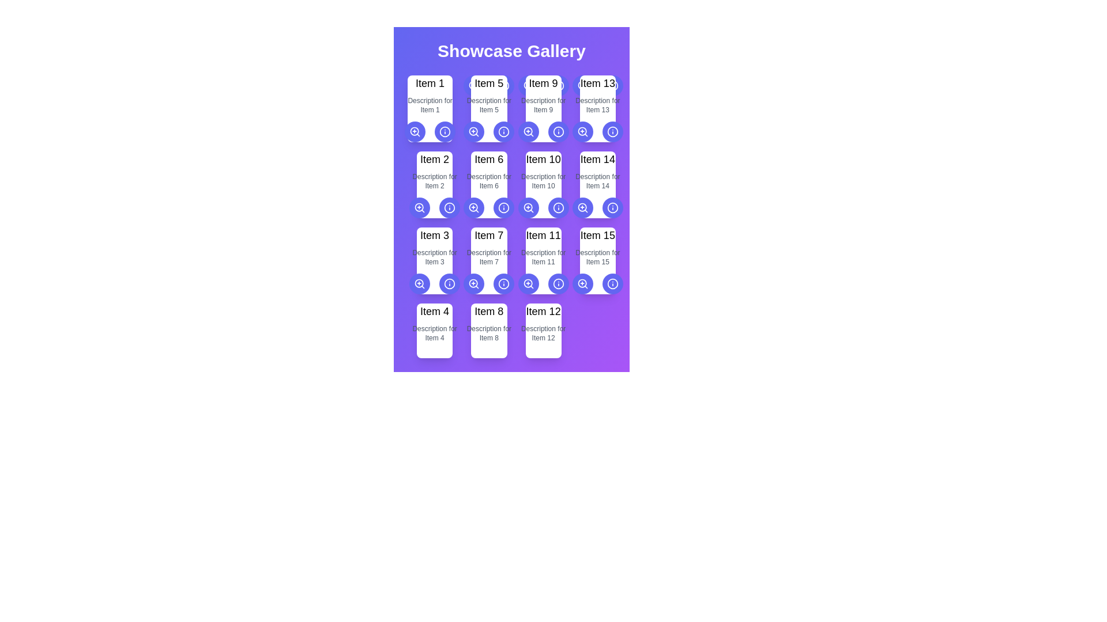  What do you see at coordinates (474, 284) in the screenshot?
I see `the circular button with an indigo-blue background and a magnifying glass icon located in the fourth row under the 'Item 7' card` at bounding box center [474, 284].